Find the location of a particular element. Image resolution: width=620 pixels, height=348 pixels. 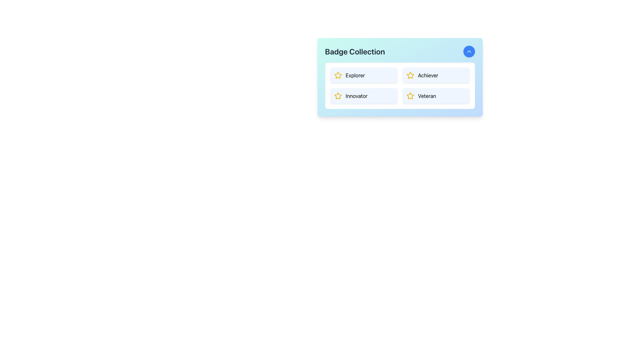

'Veteran' badge icon, which is a decorative star icon located at the bottom-right row of the badge grid, adjacent to the 'Innovator' badge is located at coordinates (410, 96).